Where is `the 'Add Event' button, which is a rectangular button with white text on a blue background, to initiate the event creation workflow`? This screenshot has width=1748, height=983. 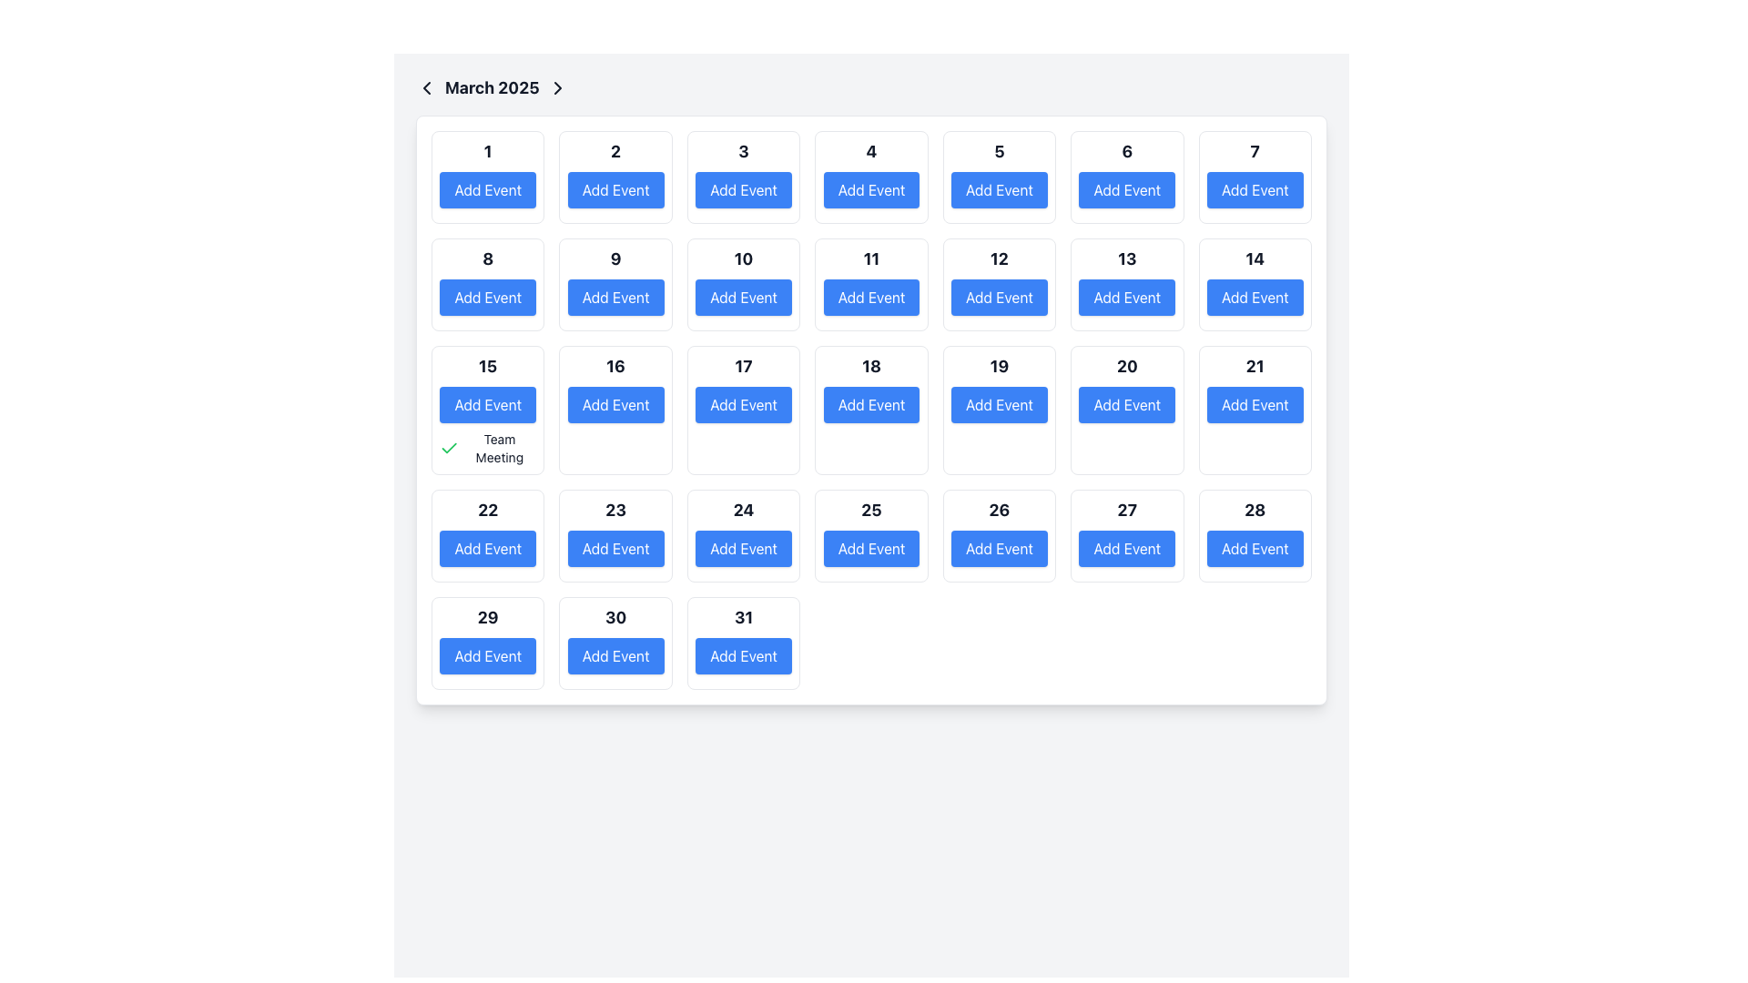
the 'Add Event' button, which is a rectangular button with white text on a blue background, to initiate the event creation workflow is located at coordinates (615, 189).